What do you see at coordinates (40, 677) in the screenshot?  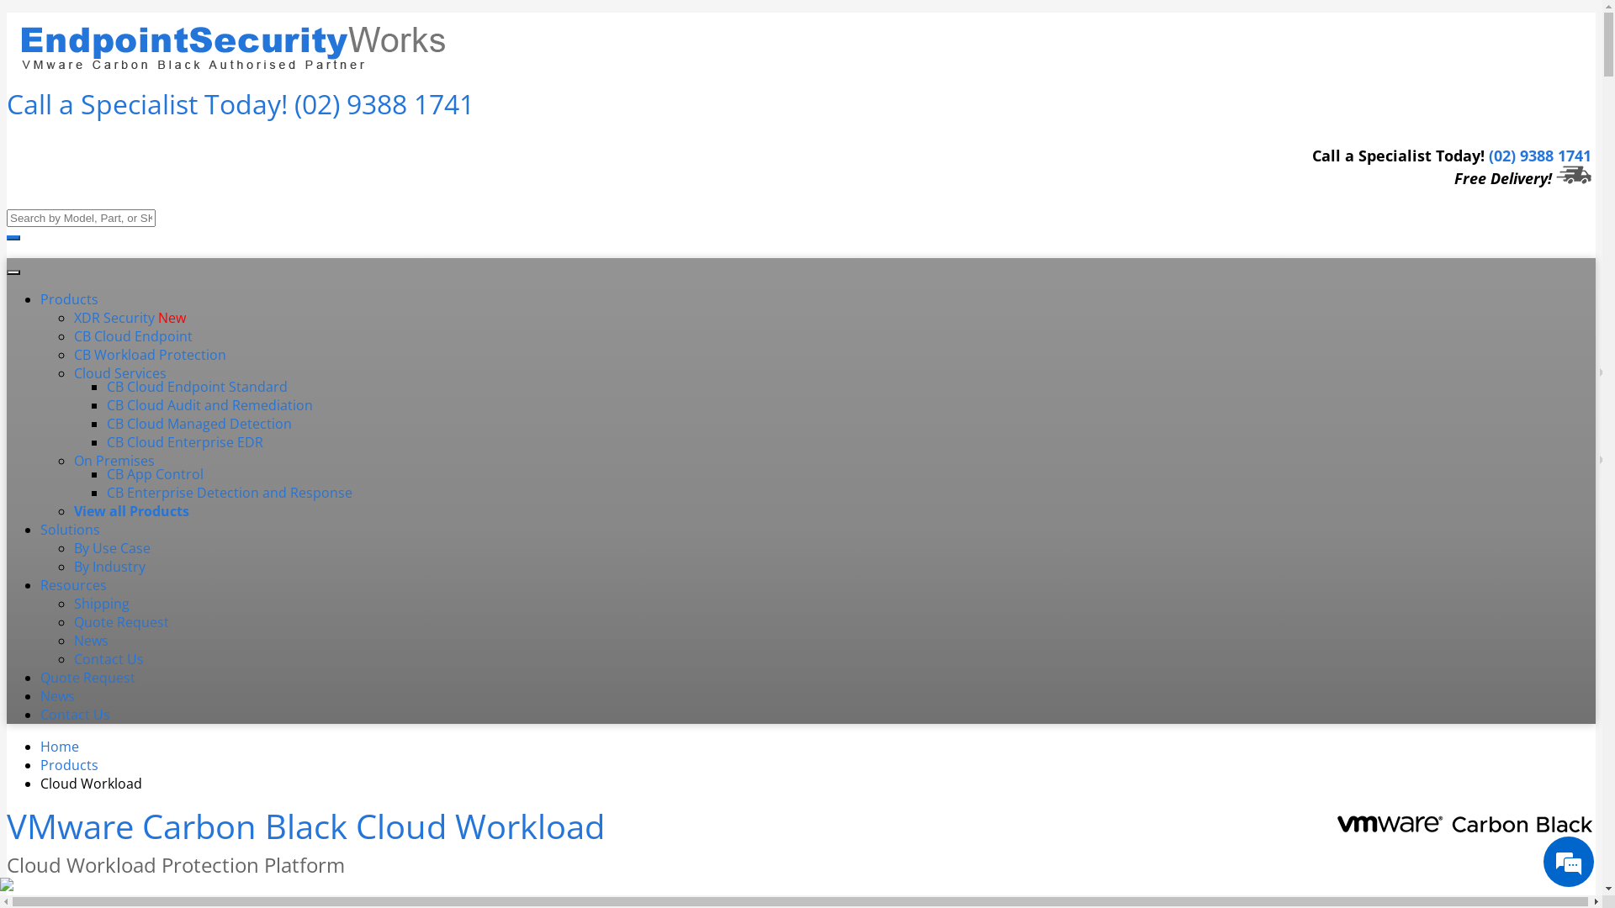 I see `'Quote Request'` at bounding box center [40, 677].